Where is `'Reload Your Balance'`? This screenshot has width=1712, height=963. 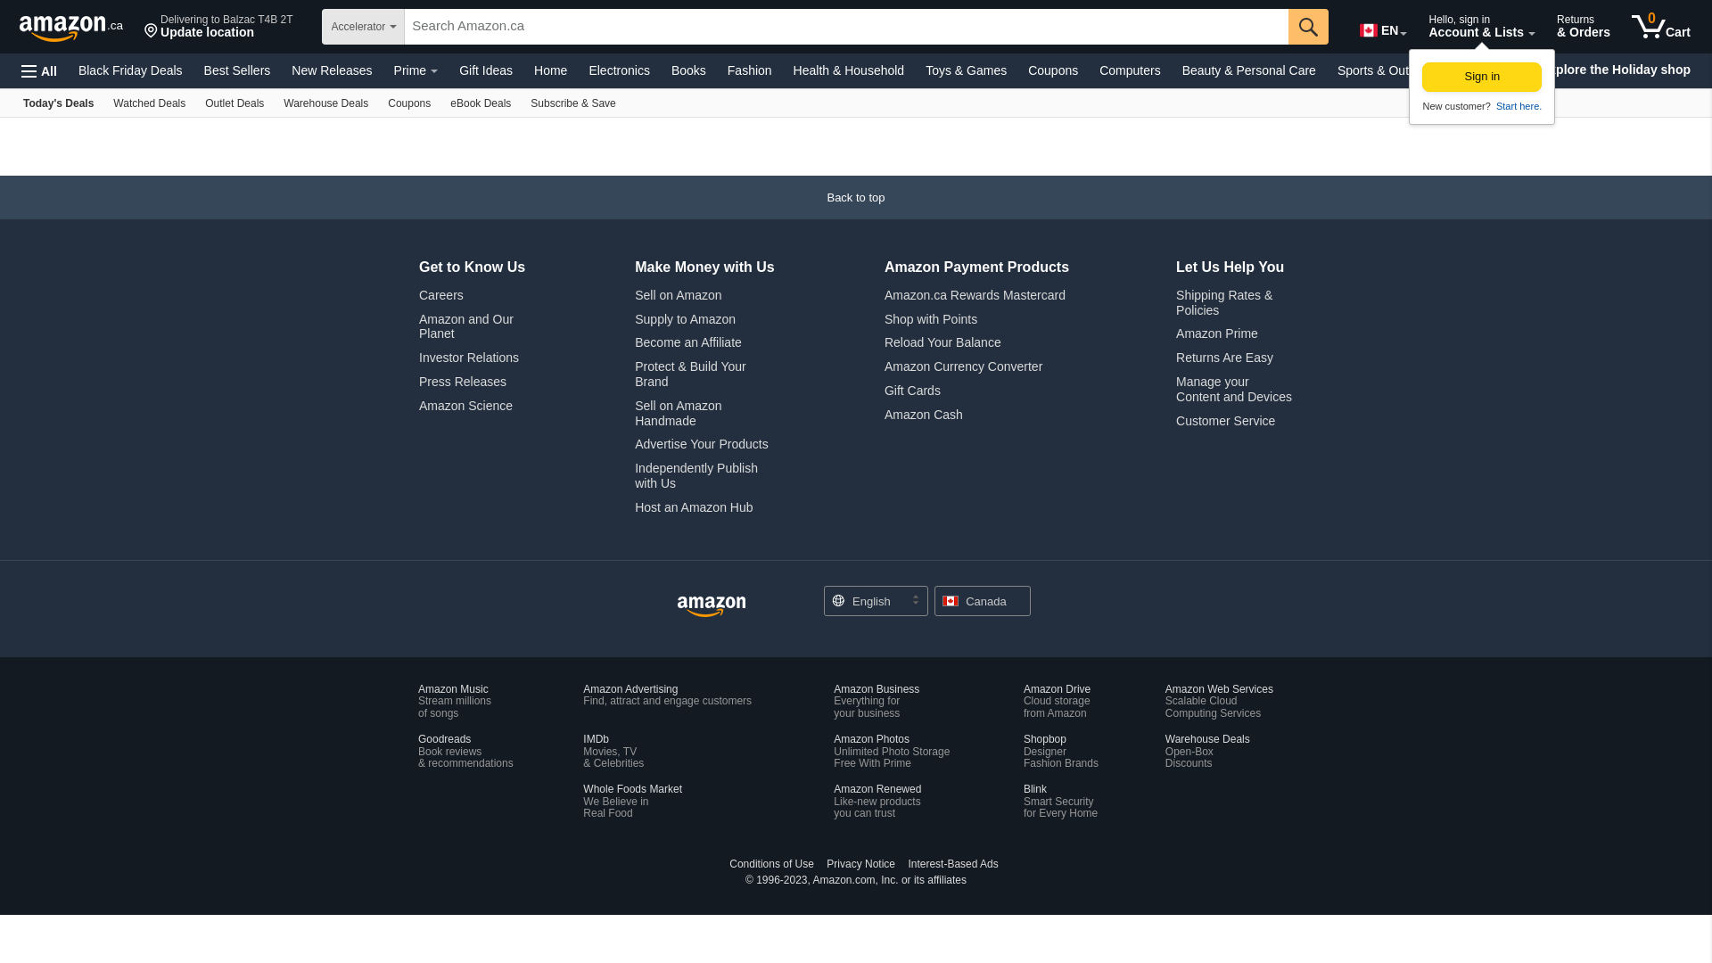
'Reload Your Balance' is located at coordinates (942, 342).